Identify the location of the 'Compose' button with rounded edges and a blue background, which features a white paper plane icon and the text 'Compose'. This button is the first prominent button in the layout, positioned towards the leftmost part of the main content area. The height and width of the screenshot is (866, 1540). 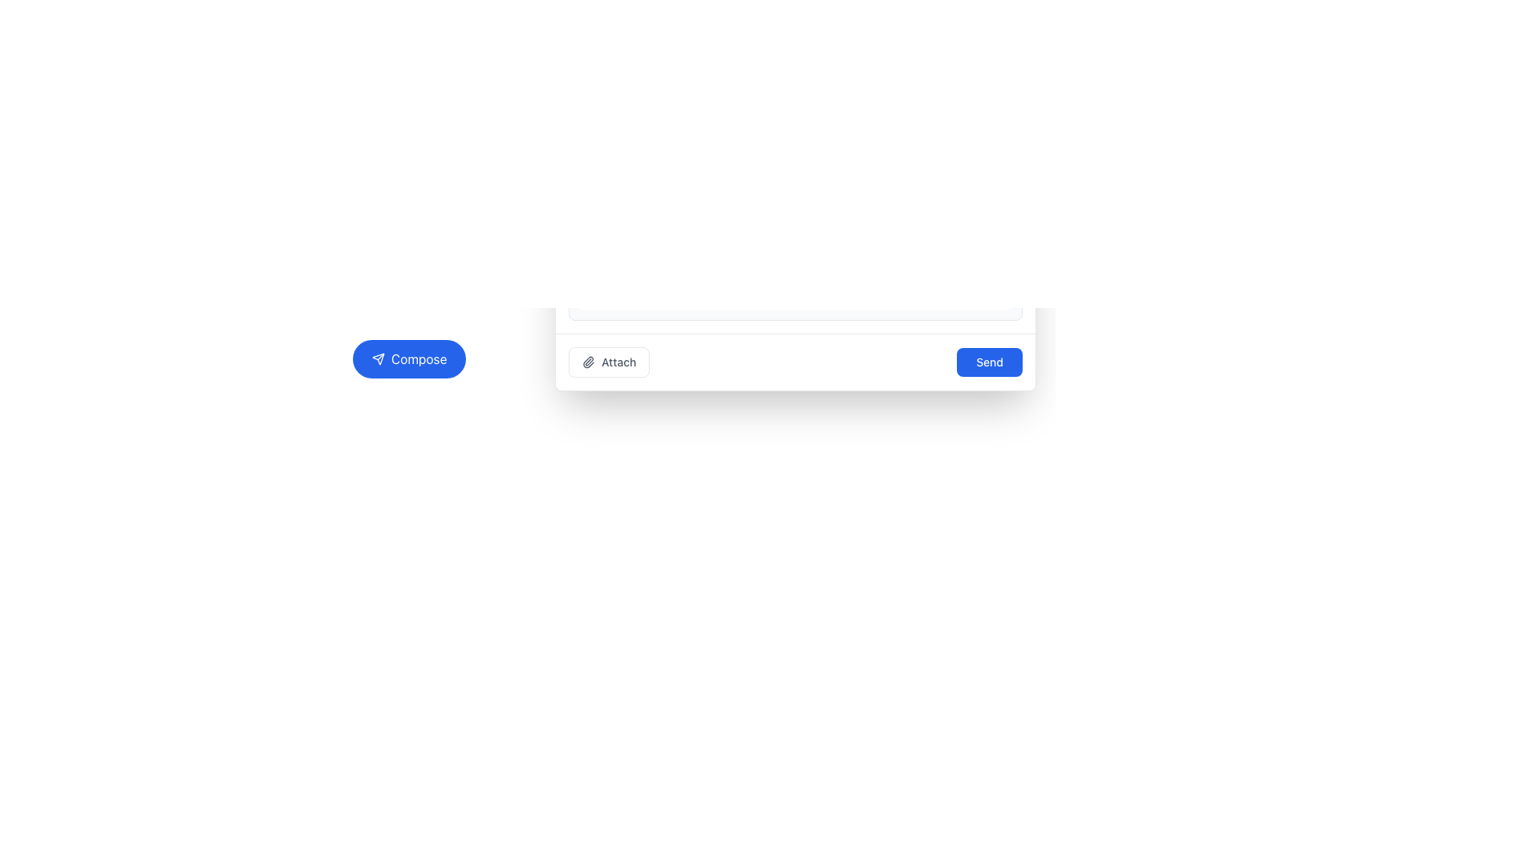
(409, 358).